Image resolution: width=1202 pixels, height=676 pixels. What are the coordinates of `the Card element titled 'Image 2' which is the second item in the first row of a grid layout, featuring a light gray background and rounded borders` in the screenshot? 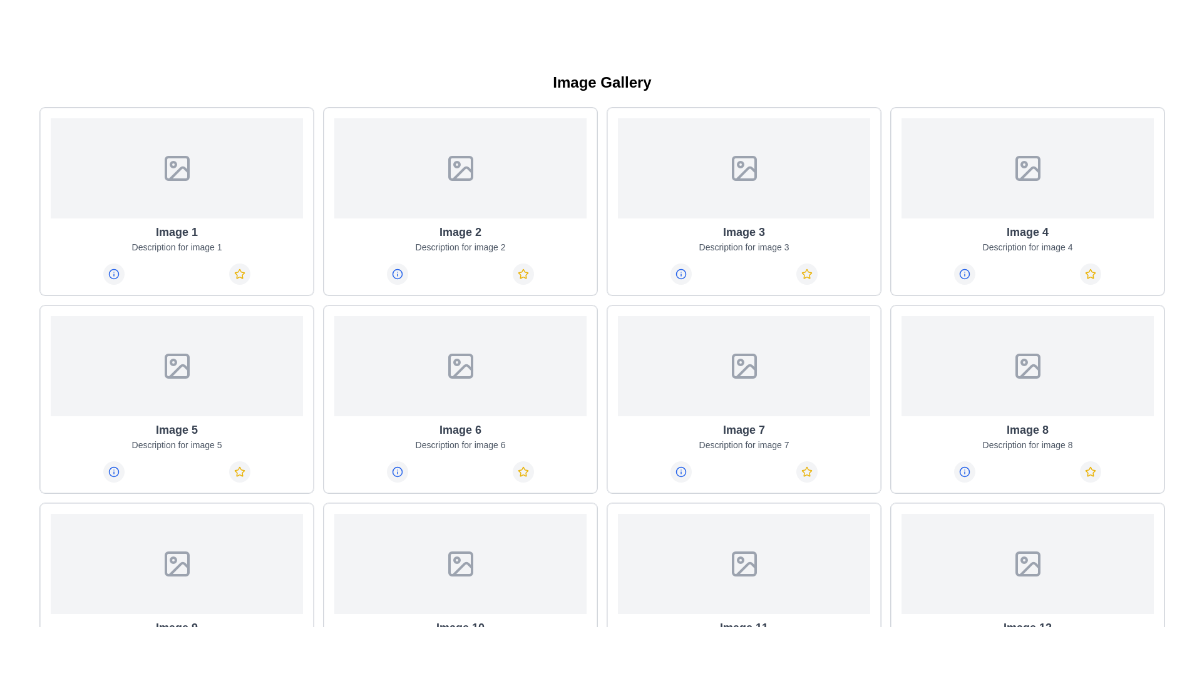 It's located at (460, 200).